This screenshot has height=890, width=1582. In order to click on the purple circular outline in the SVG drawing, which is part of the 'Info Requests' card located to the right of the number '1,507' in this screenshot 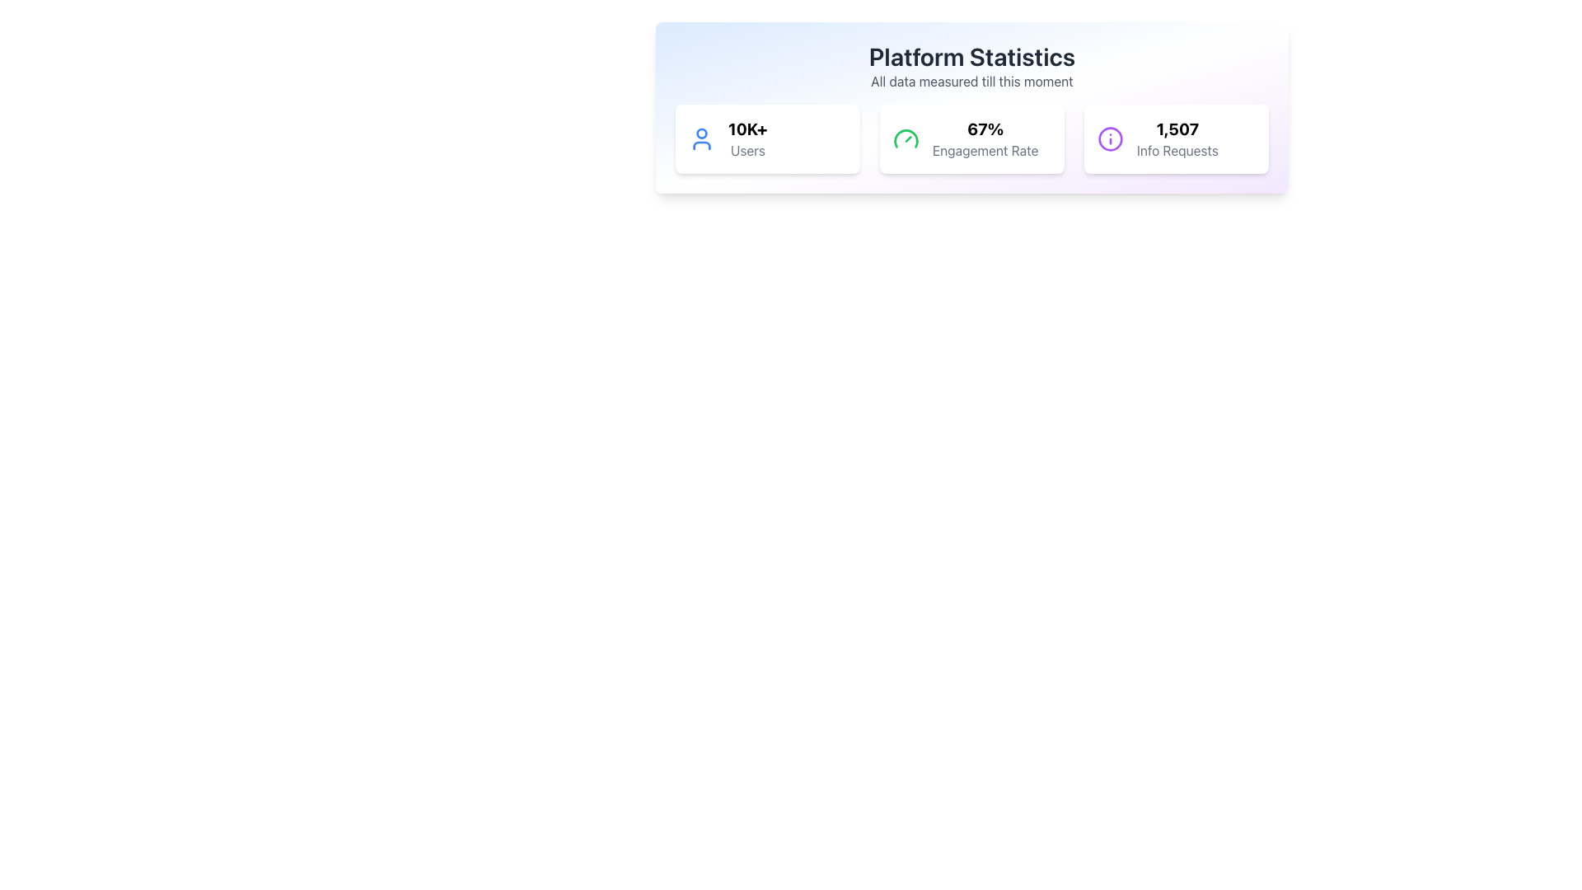, I will do `click(1111, 138)`.